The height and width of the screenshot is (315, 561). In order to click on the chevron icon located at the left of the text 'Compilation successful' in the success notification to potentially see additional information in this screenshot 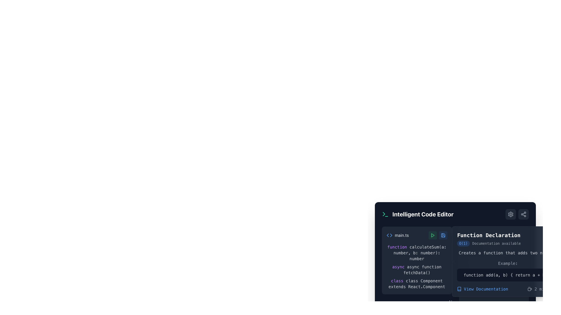, I will do `click(465, 249)`.